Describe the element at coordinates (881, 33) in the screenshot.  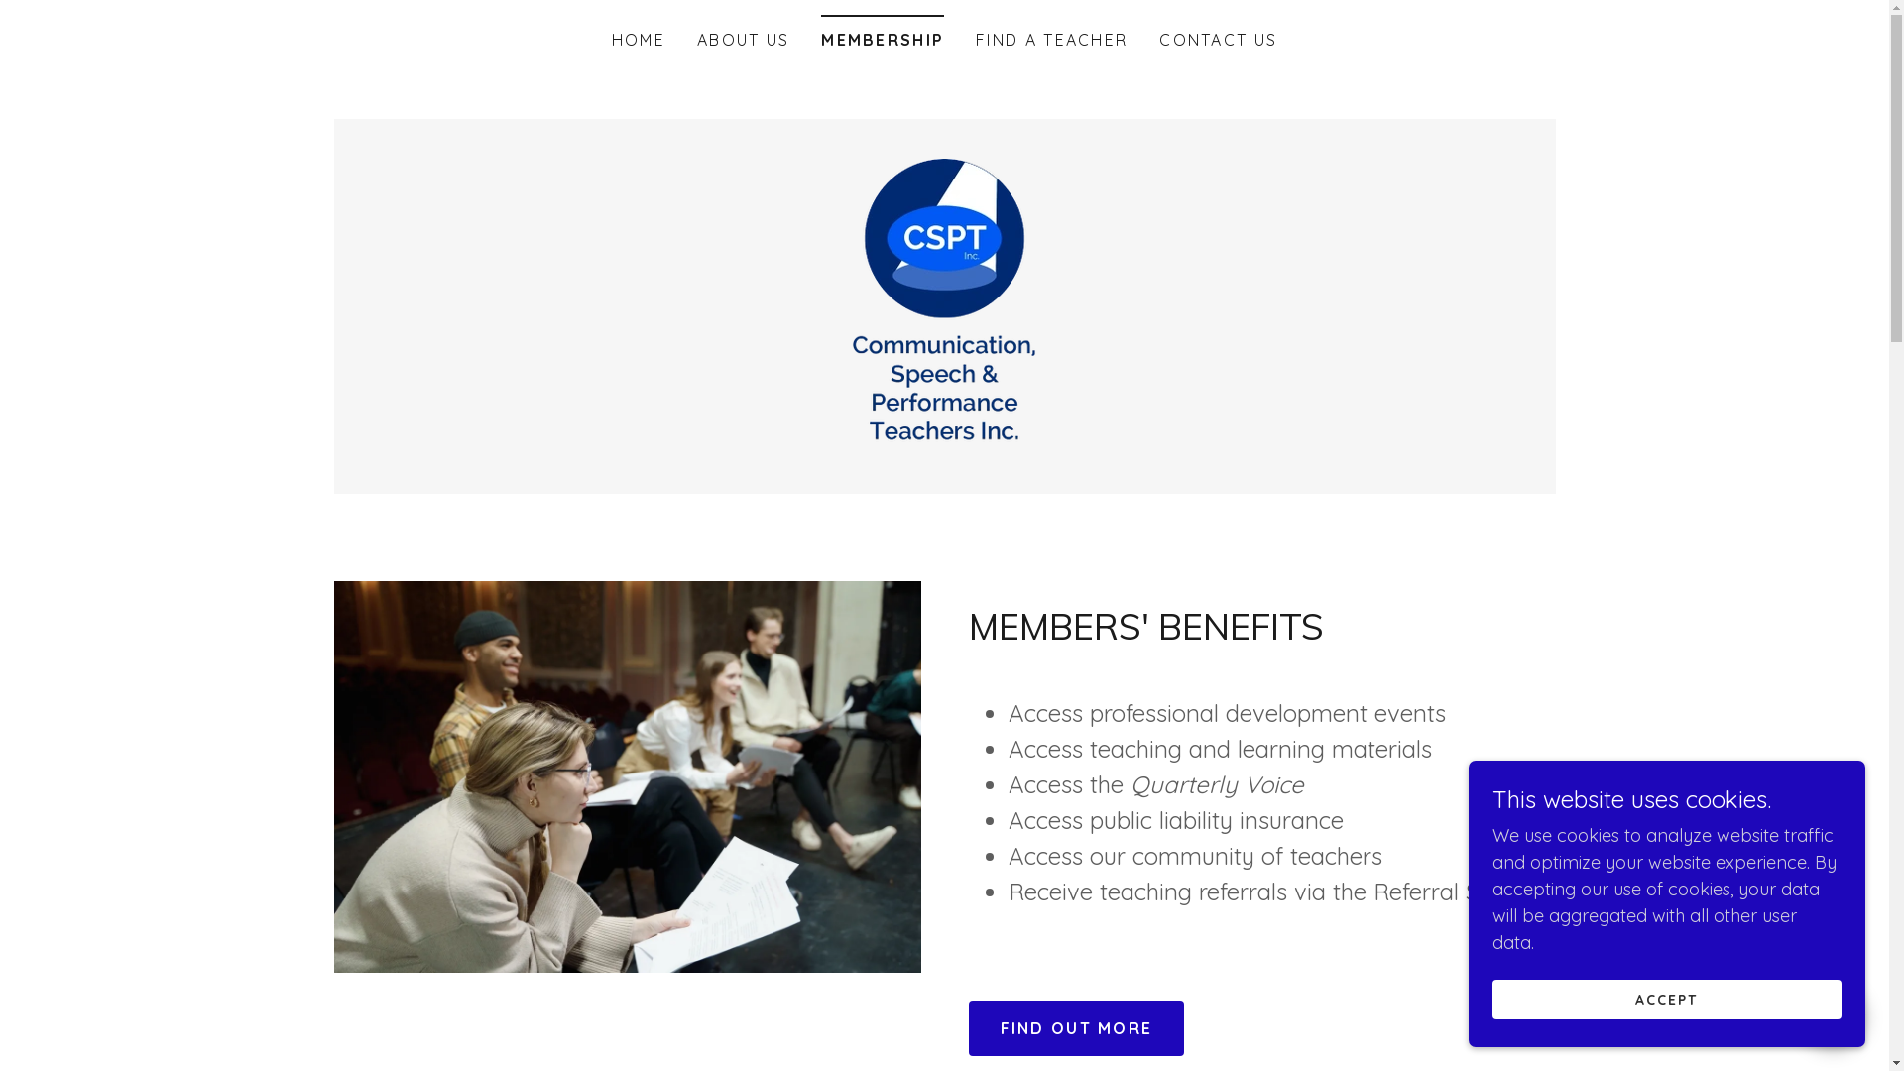
I see `'MEMBERSHIP'` at that location.